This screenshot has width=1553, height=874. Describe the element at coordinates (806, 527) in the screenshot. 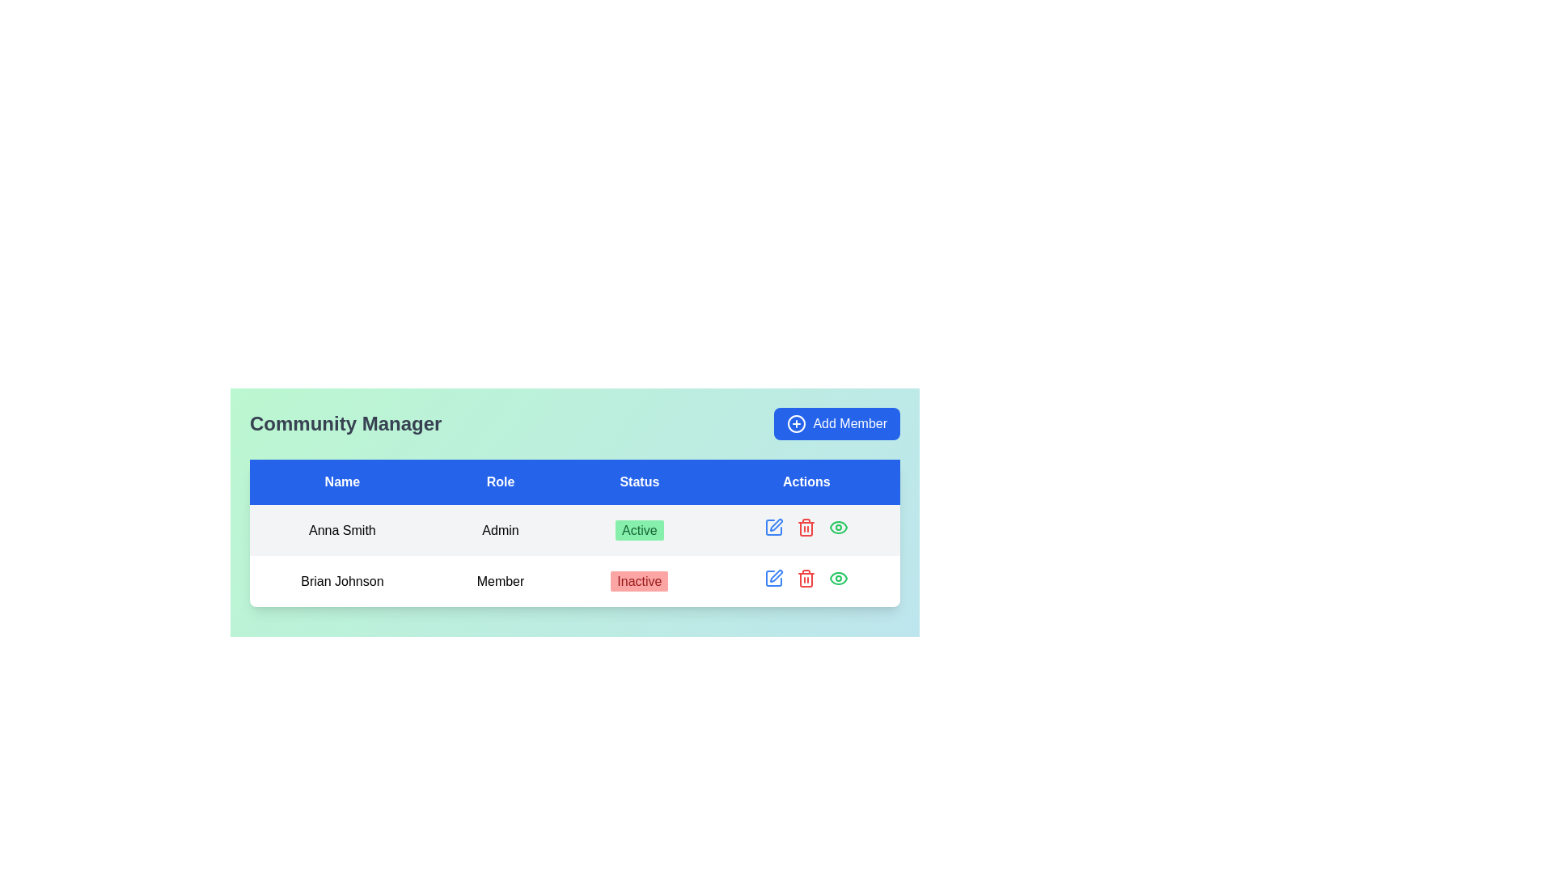

I see `the delete icon button in the Actions column of the table for the user 'Brian Johnson'` at that location.